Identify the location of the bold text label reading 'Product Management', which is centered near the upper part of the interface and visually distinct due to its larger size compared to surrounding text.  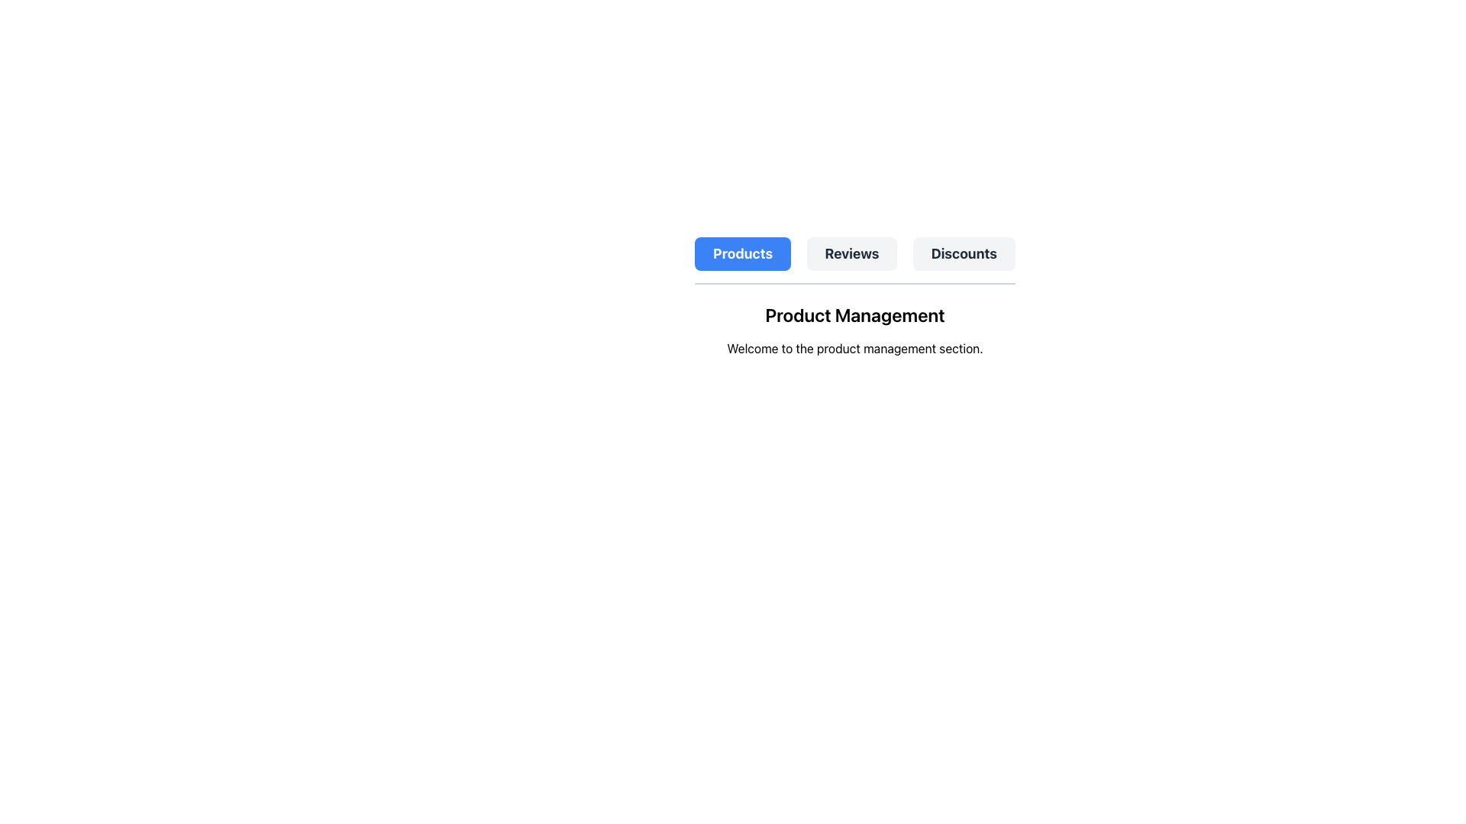
(854, 314).